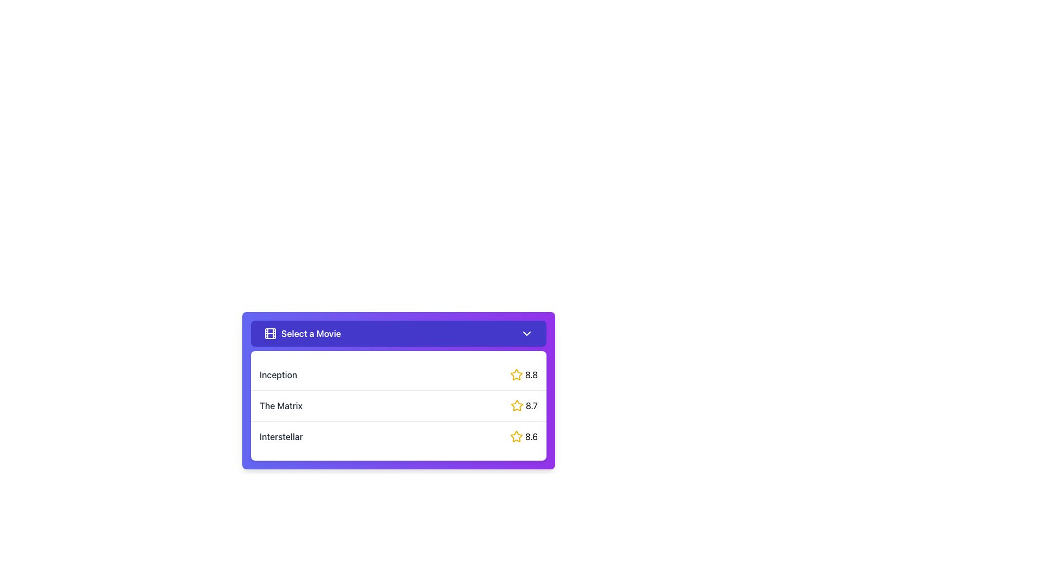 The height and width of the screenshot is (586, 1043). I want to click on the movie icon located at the far-left side of the 'Select a Movie' purple button, providing context for the dropdown related to video content, so click(271, 333).